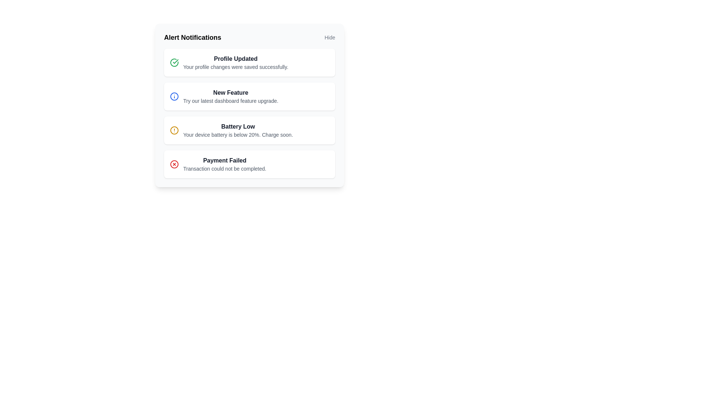  Describe the element at coordinates (175, 61) in the screenshot. I see `the green checkmark icon within the SVG graphic that signifies confirmation for the 'Profile Updated' notification` at that location.